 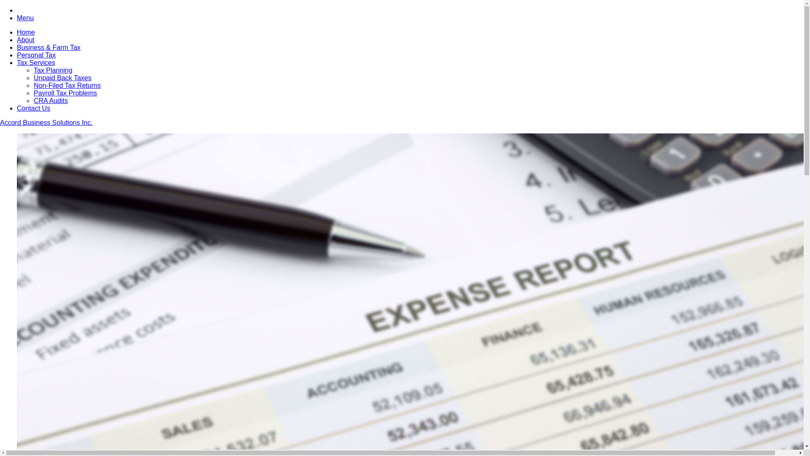 I want to click on 'Tax Planning', so click(x=34, y=70).